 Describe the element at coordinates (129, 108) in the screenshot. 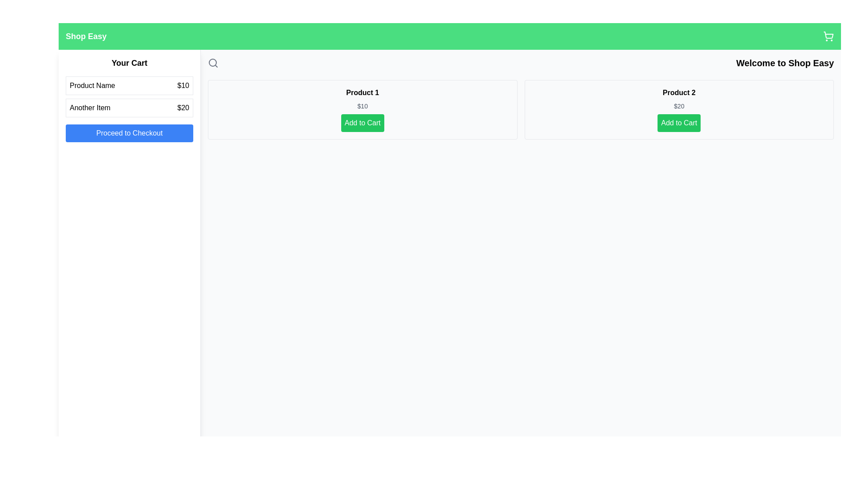

I see `to select the second row in the 'Your Cart' section, which displays 'Another Item' on the left and '$20' on the right` at that location.